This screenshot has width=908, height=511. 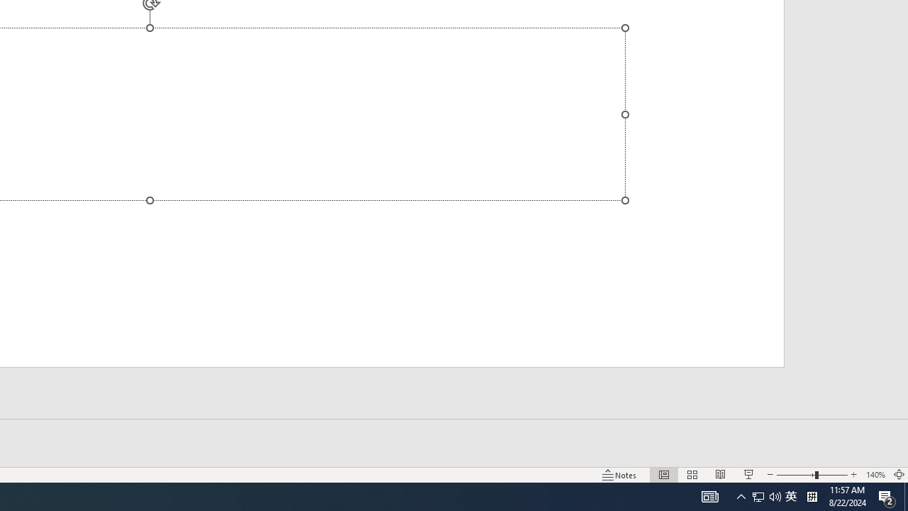 What do you see at coordinates (875, 475) in the screenshot?
I see `'Zoom 140%'` at bounding box center [875, 475].